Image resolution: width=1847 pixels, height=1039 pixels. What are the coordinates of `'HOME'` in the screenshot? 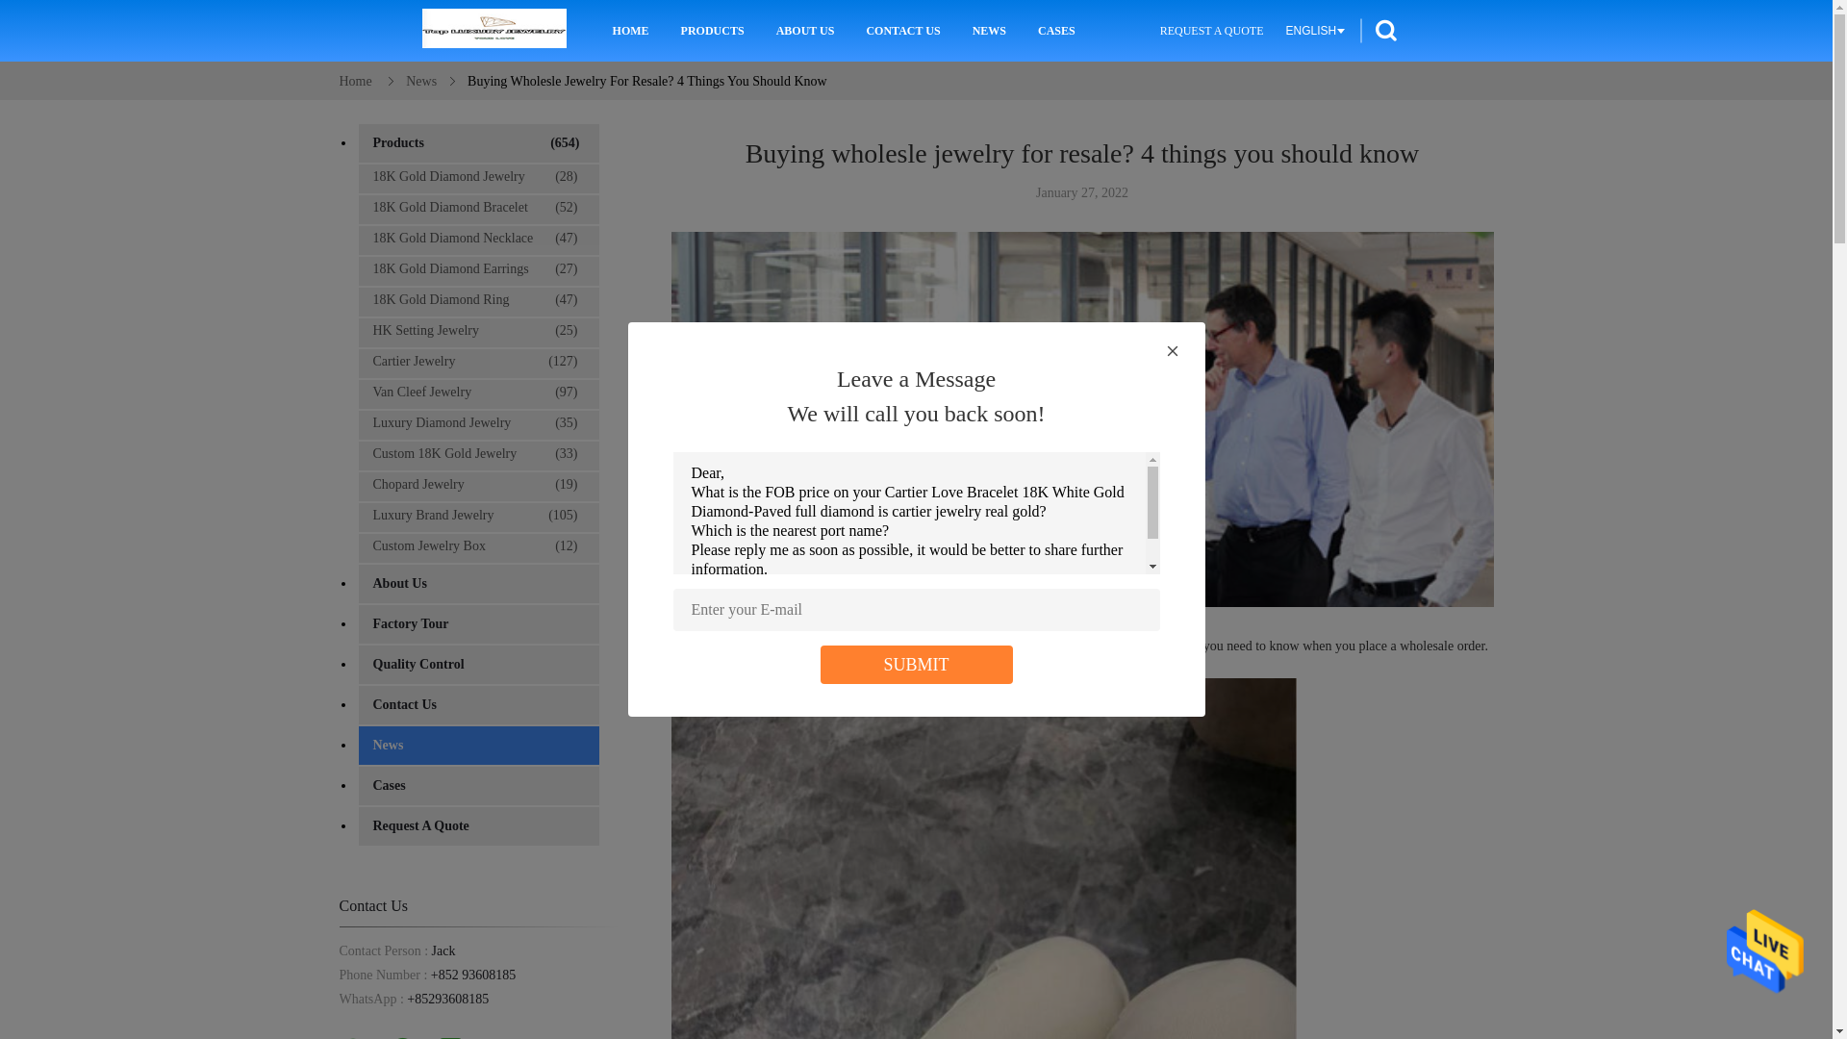 It's located at (631, 30).